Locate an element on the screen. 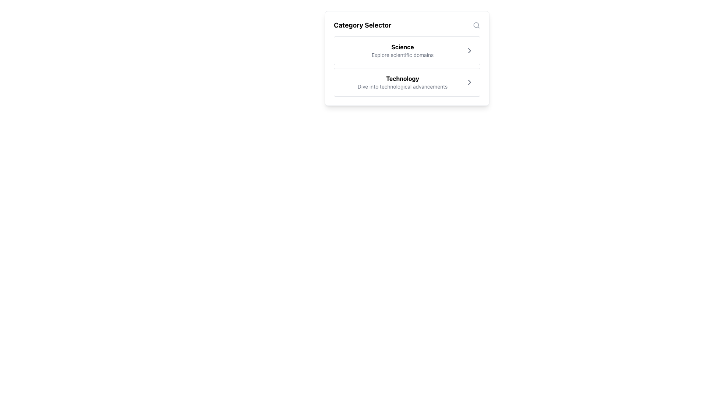  the rightward-pointing chevron-style arrow icon located next to the 'Science' category in the Category Selector interface is located at coordinates (469, 50).